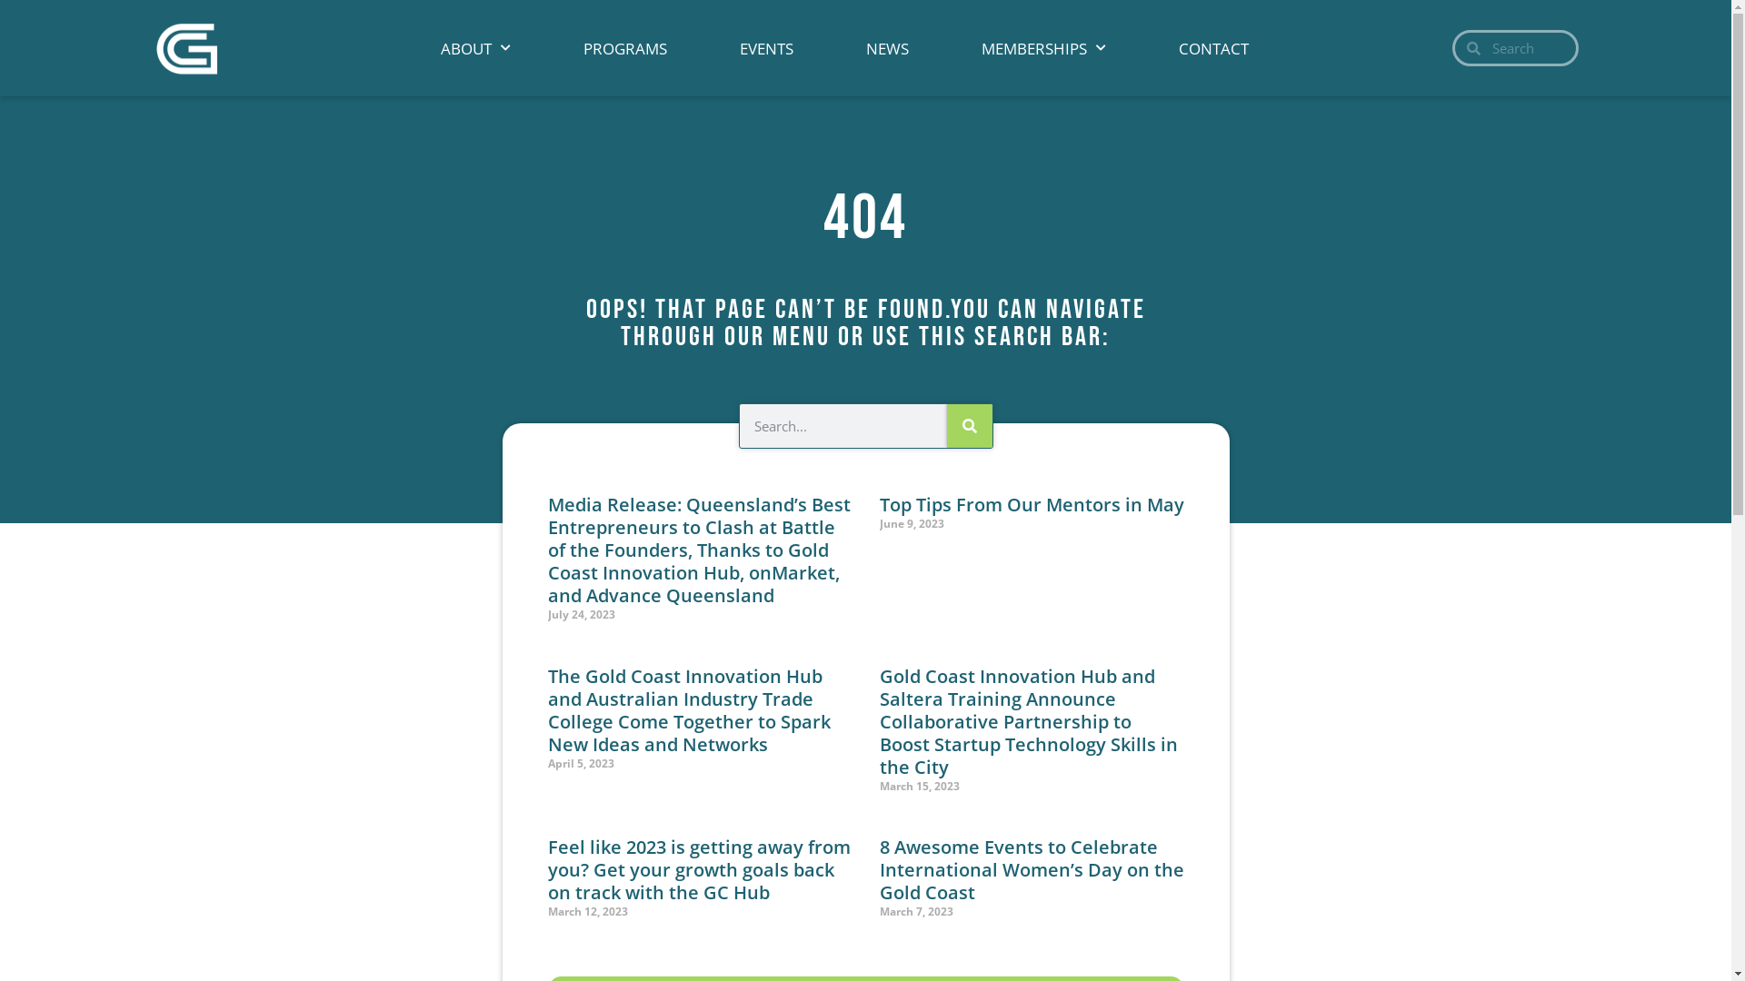 The height and width of the screenshot is (981, 1745). What do you see at coordinates (887, 47) in the screenshot?
I see `'NEWS'` at bounding box center [887, 47].